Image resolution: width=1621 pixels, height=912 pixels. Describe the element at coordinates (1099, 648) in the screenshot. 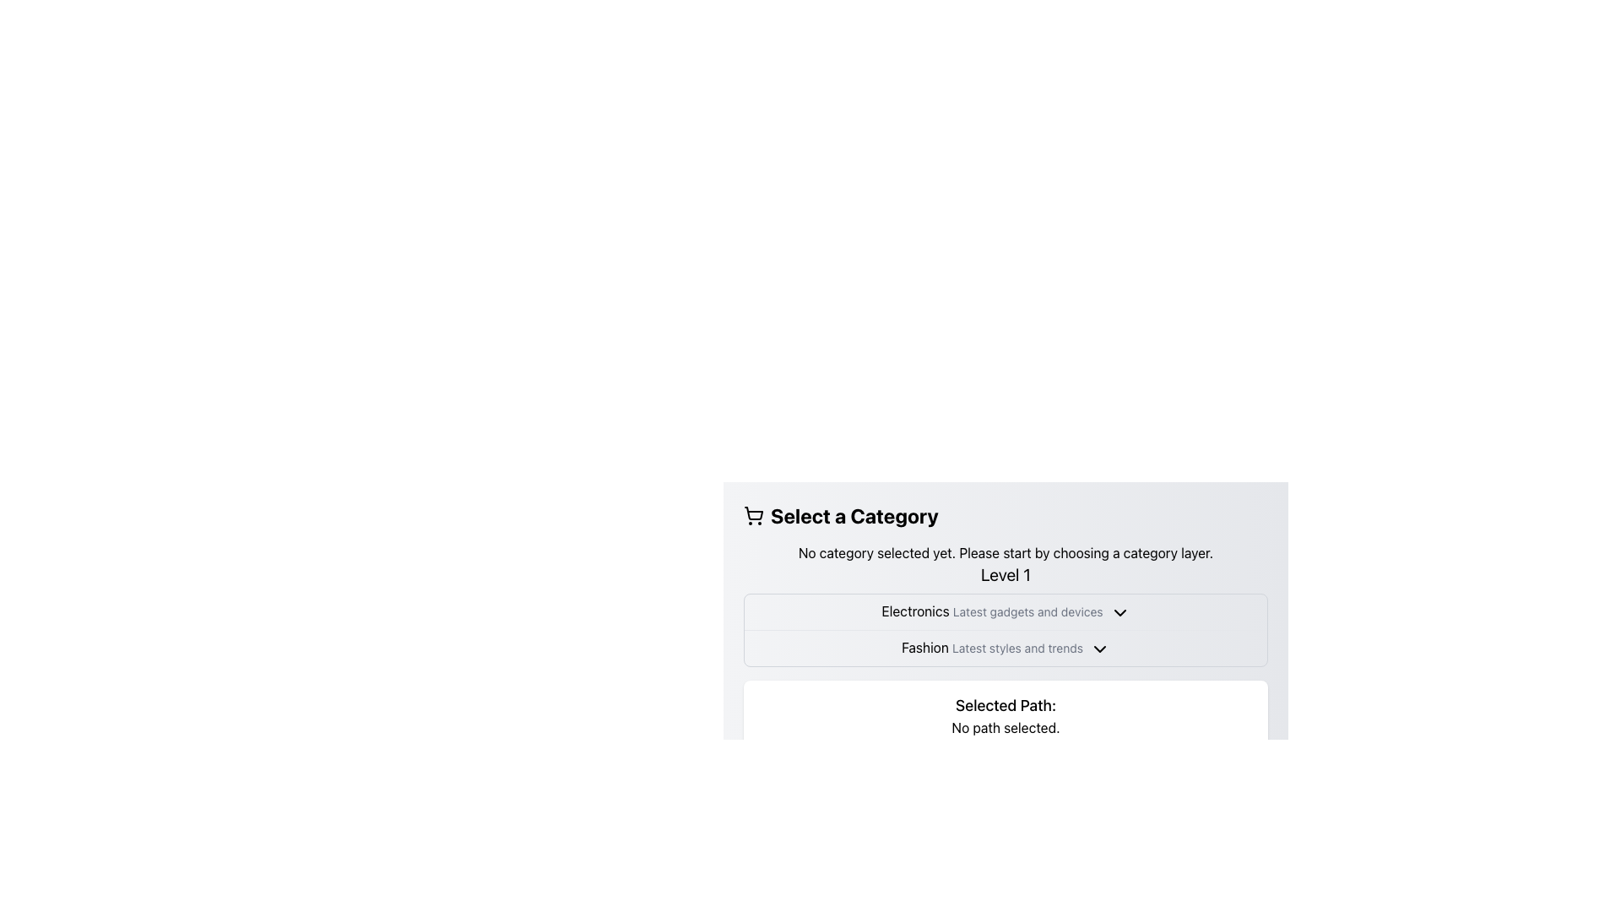

I see `the chevron icon located directly to the right of the text 'Fashion Latest styles and trends'` at that location.